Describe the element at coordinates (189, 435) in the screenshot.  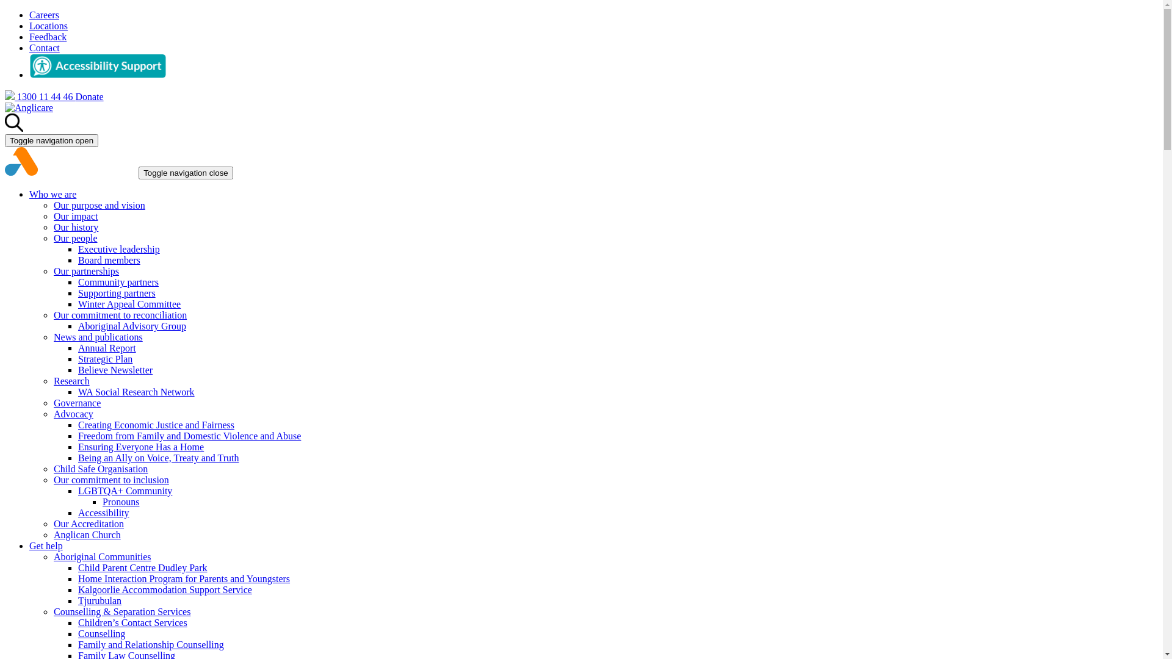
I see `'Freedom from Family and Domestic Violence and Abuse'` at that location.